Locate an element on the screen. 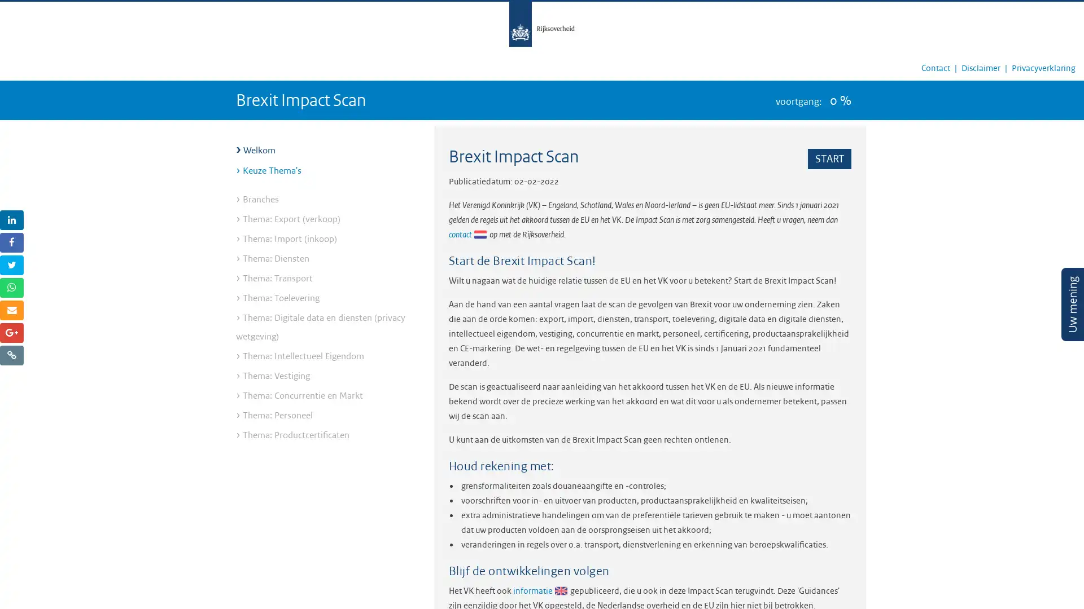  START is located at coordinates (829, 158).